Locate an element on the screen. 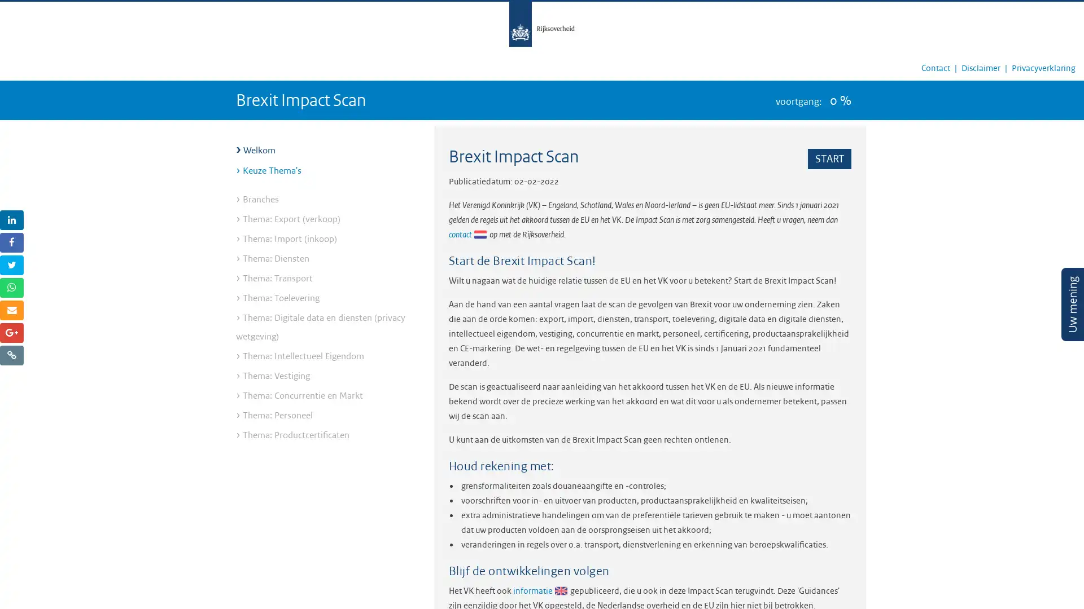  START is located at coordinates (829, 158).